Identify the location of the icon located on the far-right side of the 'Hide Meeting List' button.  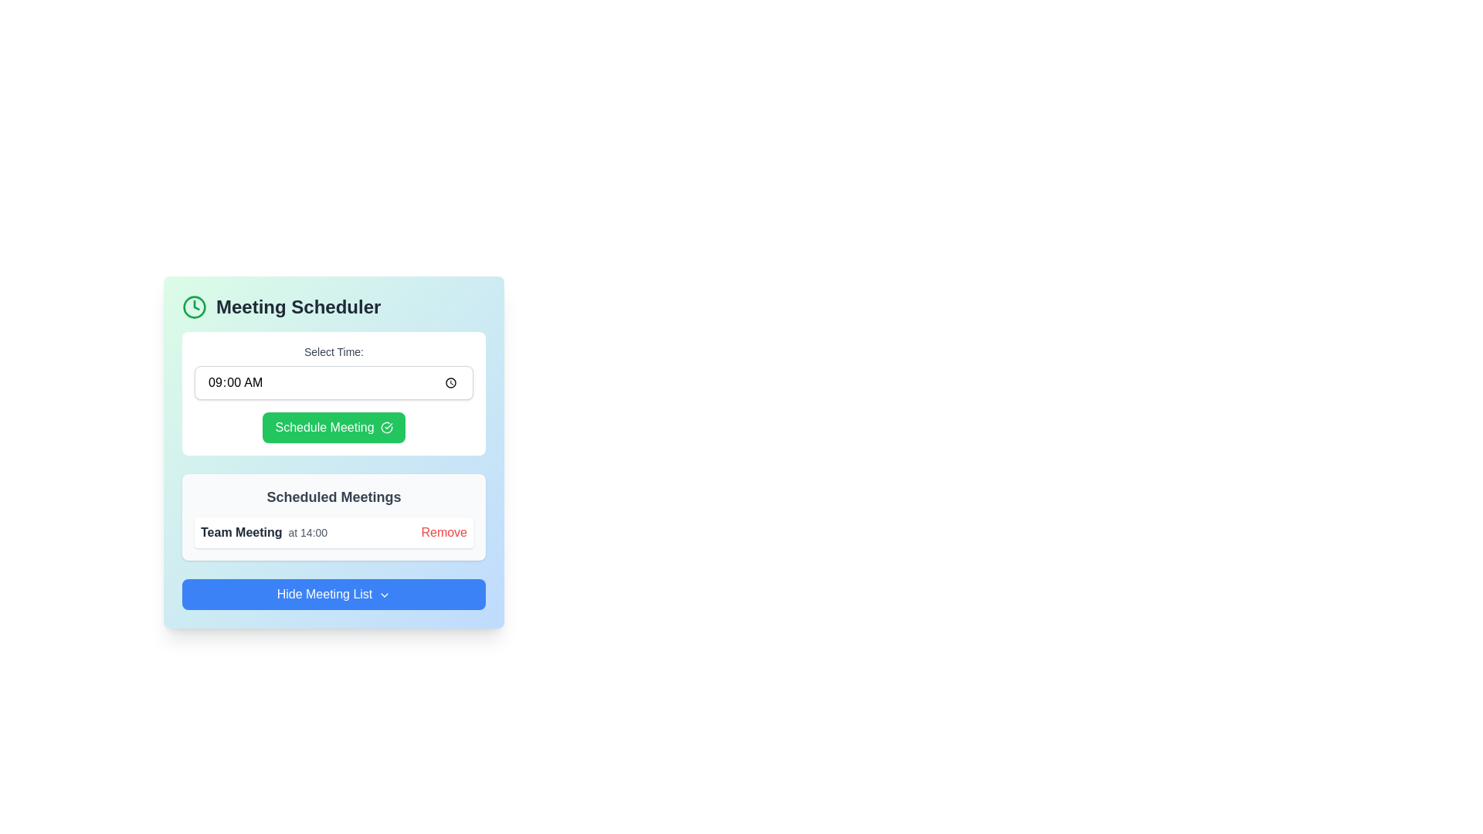
(385, 594).